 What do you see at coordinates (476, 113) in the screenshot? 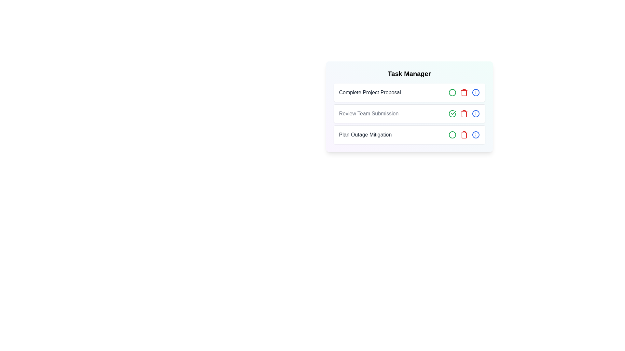
I see `'Info' button for the task titled 'Review Team Submission'` at bounding box center [476, 113].